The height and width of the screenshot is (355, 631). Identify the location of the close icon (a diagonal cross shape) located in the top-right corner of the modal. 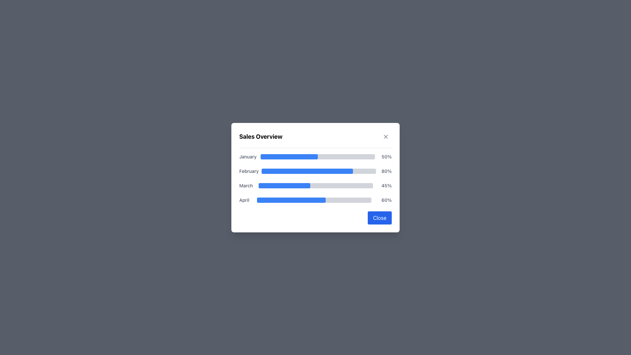
(386, 136).